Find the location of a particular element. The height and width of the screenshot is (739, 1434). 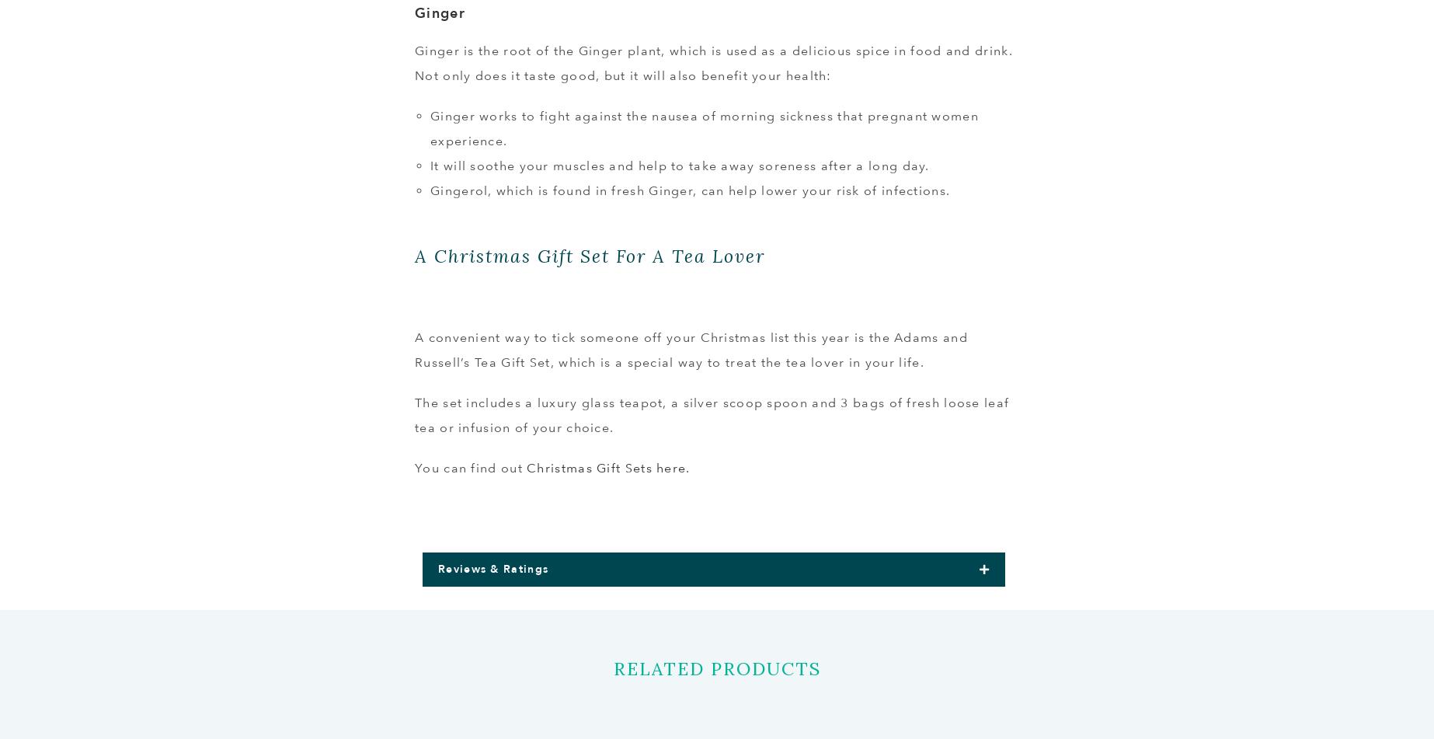

'Ginger works to fight against the nausea of morning sickness that pregnant women experience.' is located at coordinates (703, 128).